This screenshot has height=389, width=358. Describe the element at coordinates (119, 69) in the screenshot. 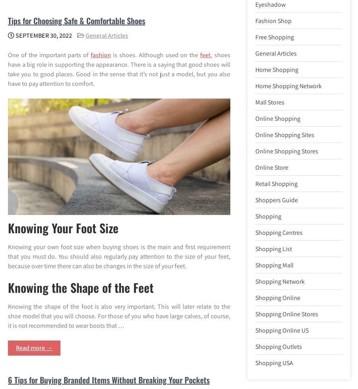

I see `', shoes have a big role in supporting the appearance. There is a saying that good shoes will take you to good places. Good in the sense that it’s not just a model, but you also have to pay attention to comfort.'` at that location.